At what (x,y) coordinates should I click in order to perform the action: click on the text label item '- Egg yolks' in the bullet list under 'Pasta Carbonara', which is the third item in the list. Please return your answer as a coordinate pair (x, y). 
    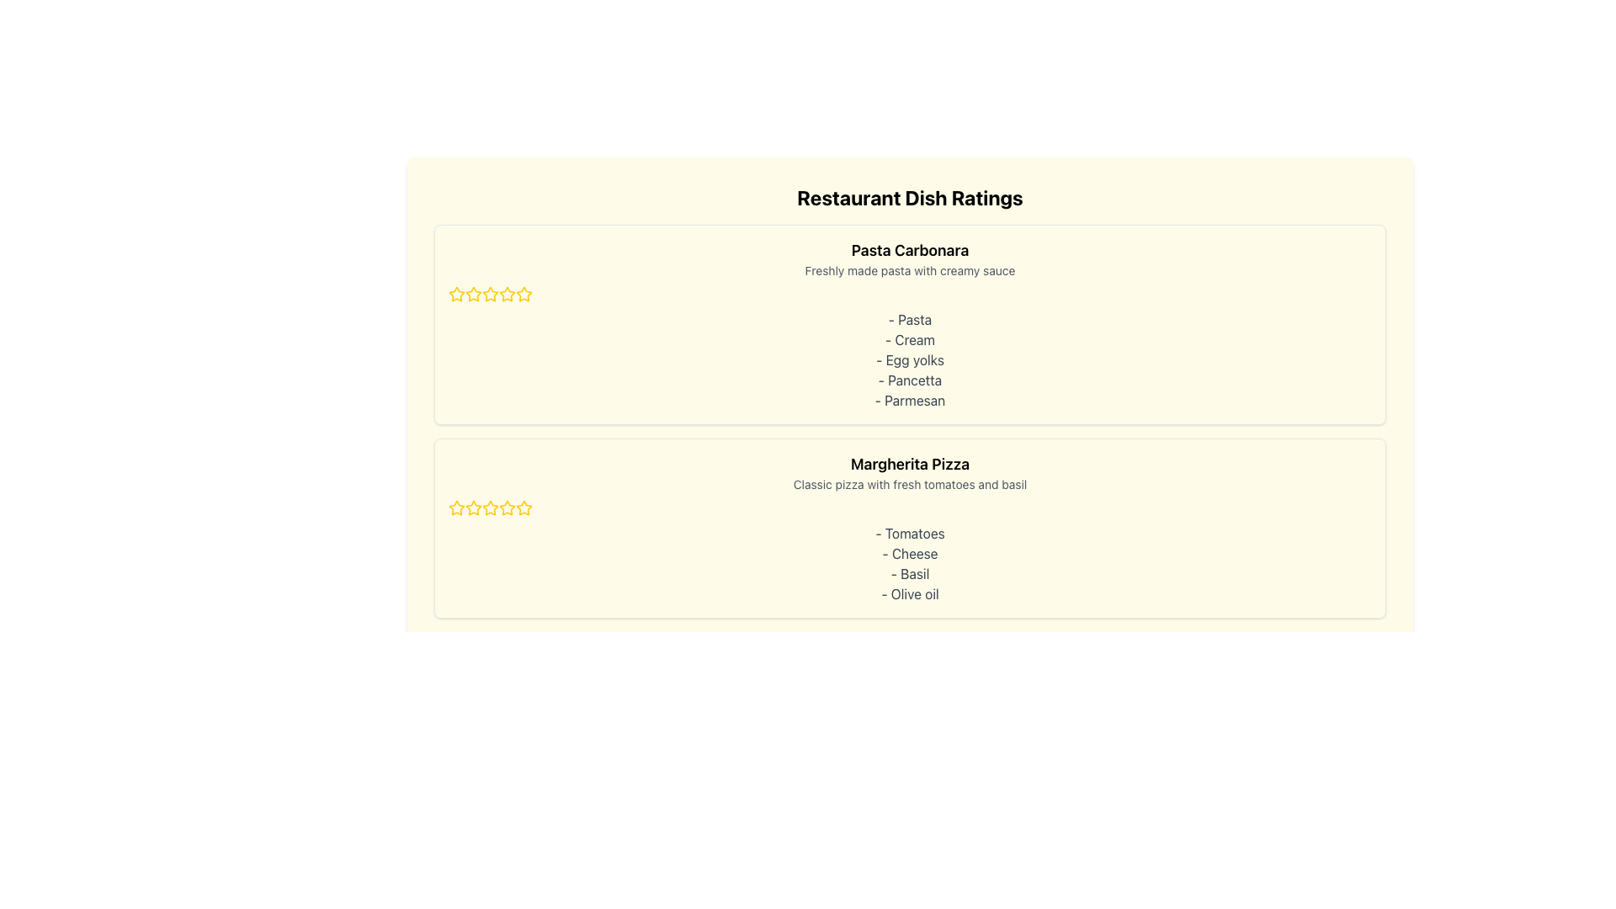
    Looking at the image, I should click on (909, 359).